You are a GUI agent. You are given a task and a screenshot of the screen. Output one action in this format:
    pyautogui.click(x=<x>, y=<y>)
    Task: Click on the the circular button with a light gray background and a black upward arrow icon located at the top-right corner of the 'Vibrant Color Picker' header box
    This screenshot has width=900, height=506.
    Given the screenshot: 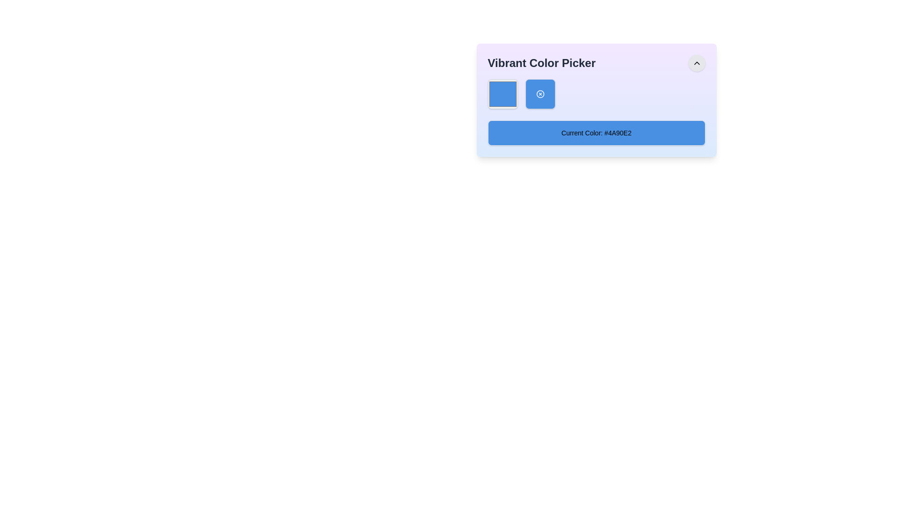 What is the action you would take?
    pyautogui.click(x=697, y=63)
    